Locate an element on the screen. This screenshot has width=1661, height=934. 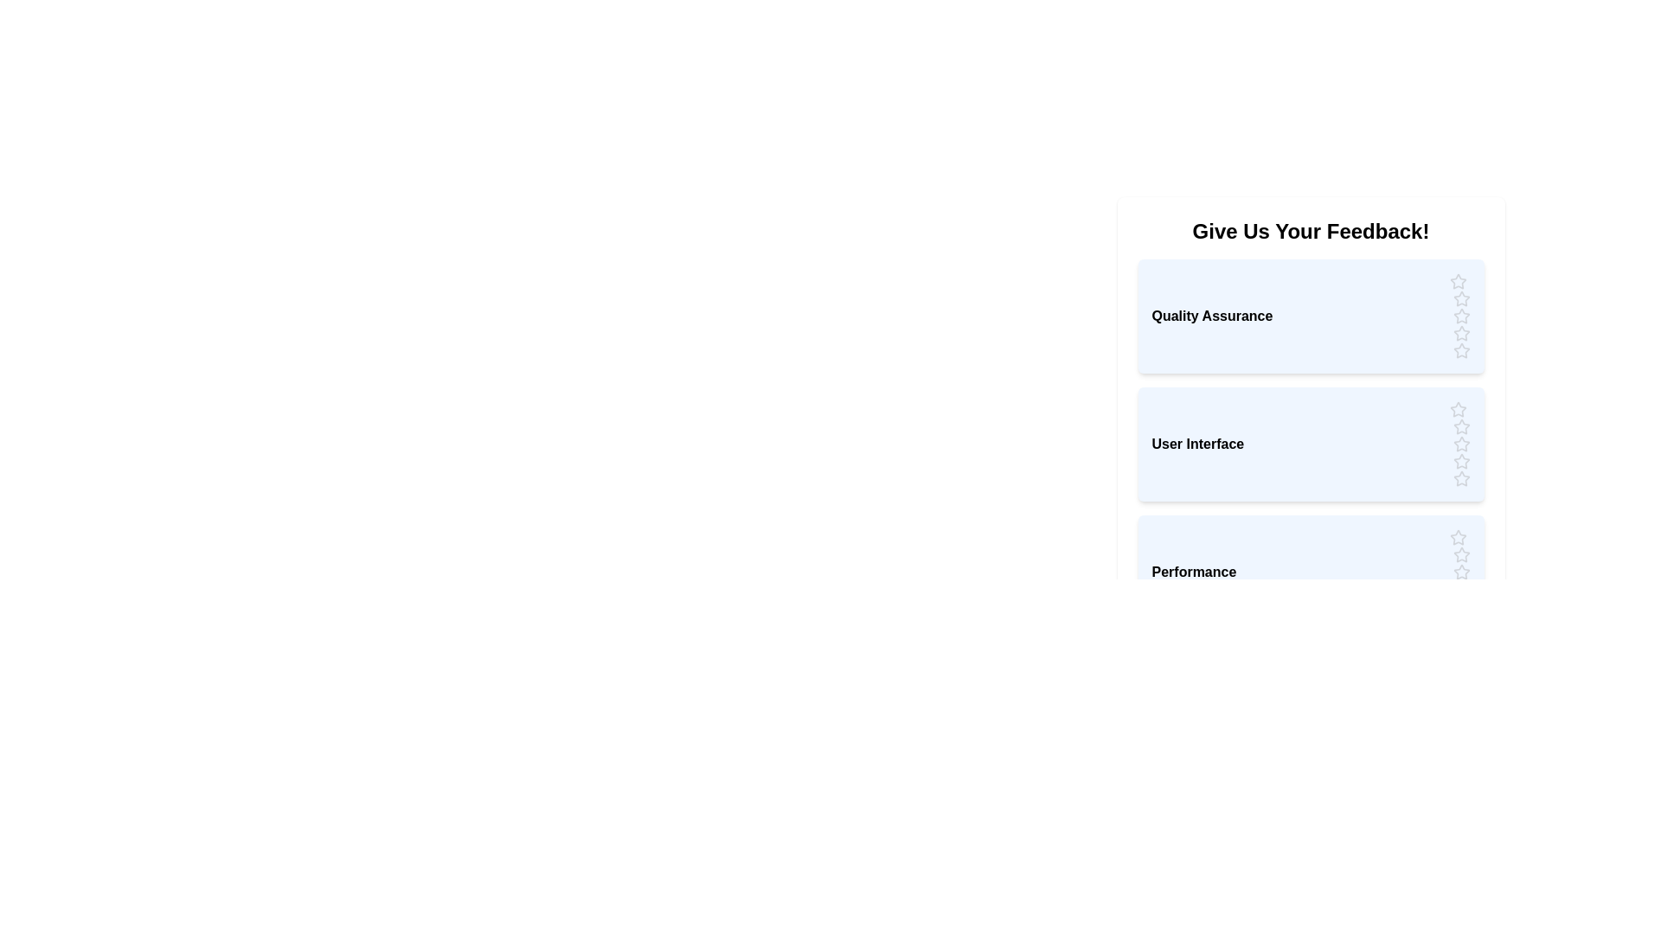
the rating for the category 'User Interface' to 1 stars is located at coordinates (1457, 410).